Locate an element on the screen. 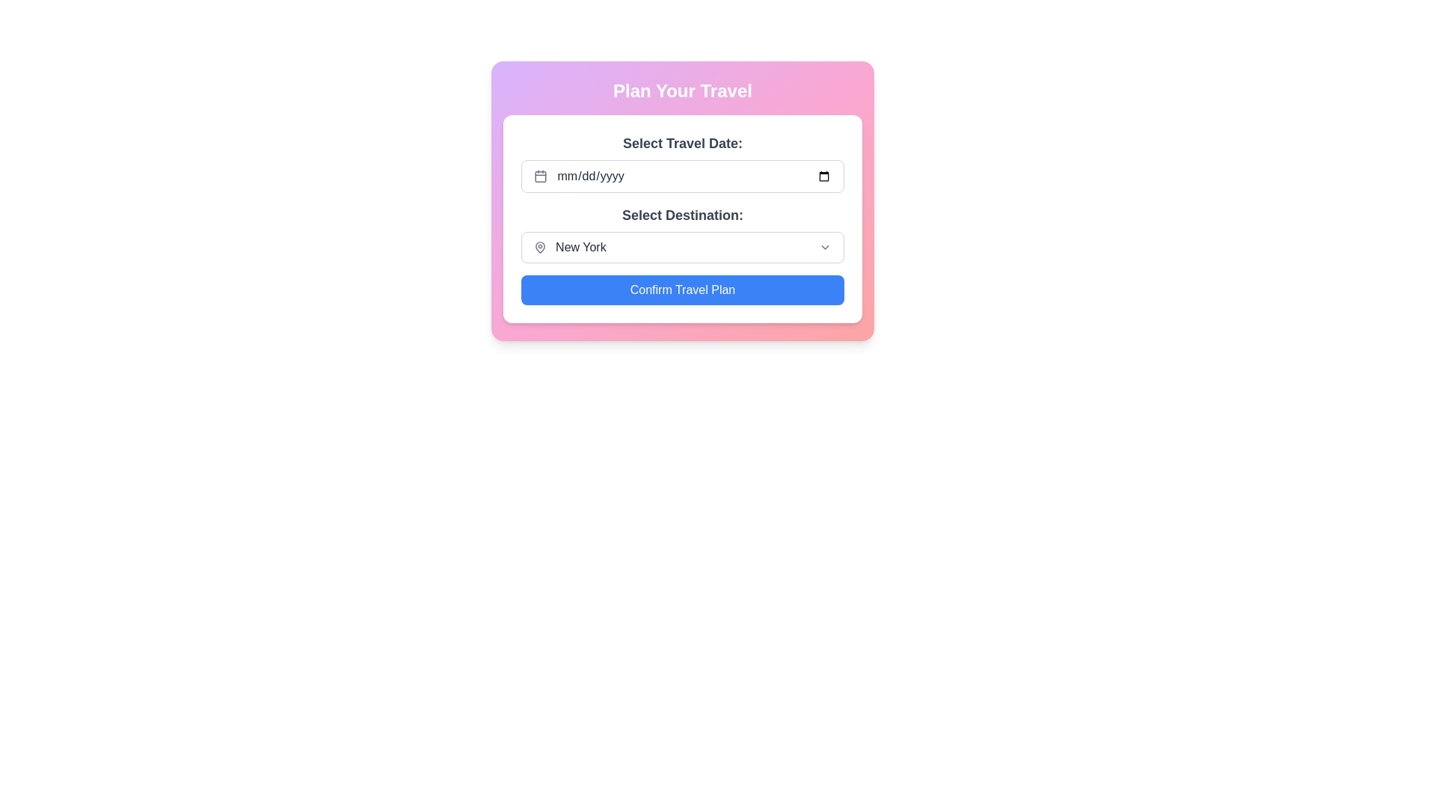 Image resolution: width=1436 pixels, height=808 pixels. the second label for travel destination selection is located at coordinates (681, 215).